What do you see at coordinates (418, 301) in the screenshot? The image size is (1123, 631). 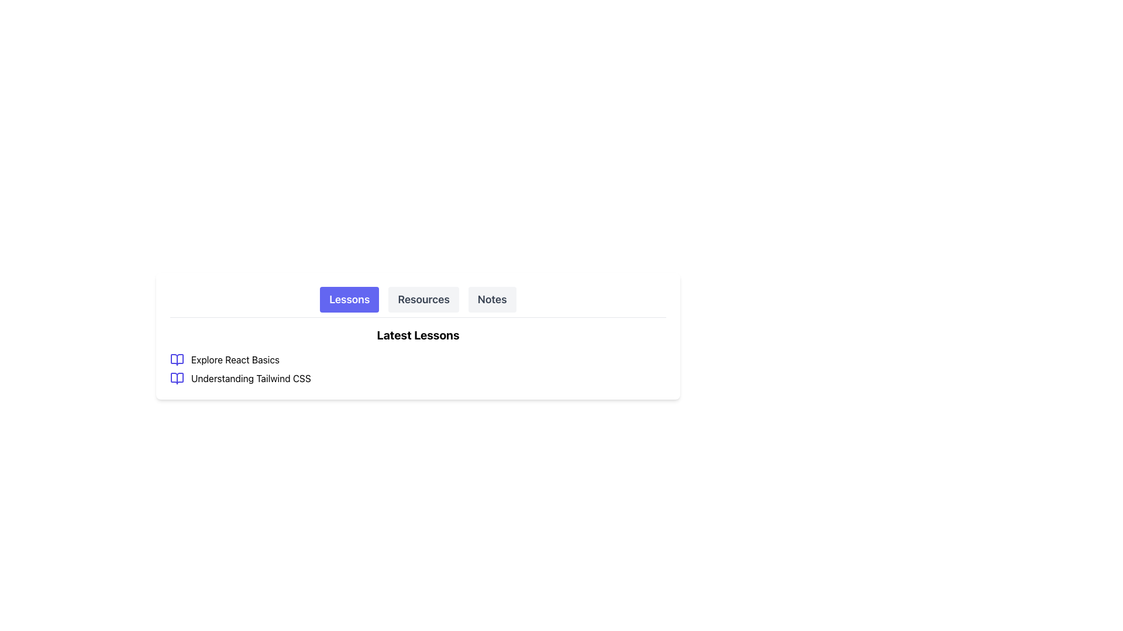 I see `the 'Lessons' option in the Navigation Bar` at bounding box center [418, 301].